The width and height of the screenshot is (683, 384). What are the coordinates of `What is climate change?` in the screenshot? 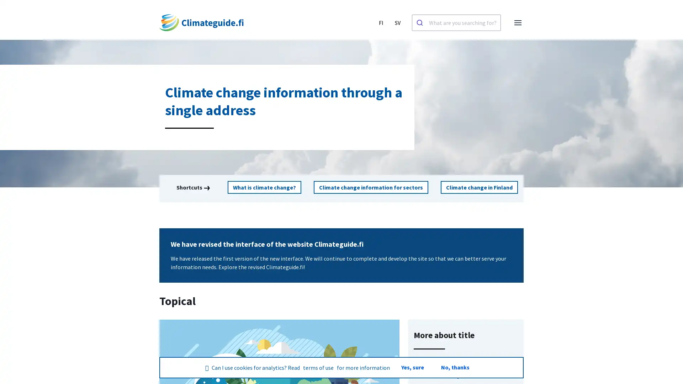 It's located at (265, 187).